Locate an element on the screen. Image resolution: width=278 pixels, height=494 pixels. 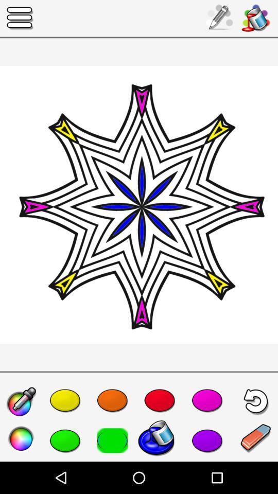
the menu icon is located at coordinates (20, 17).